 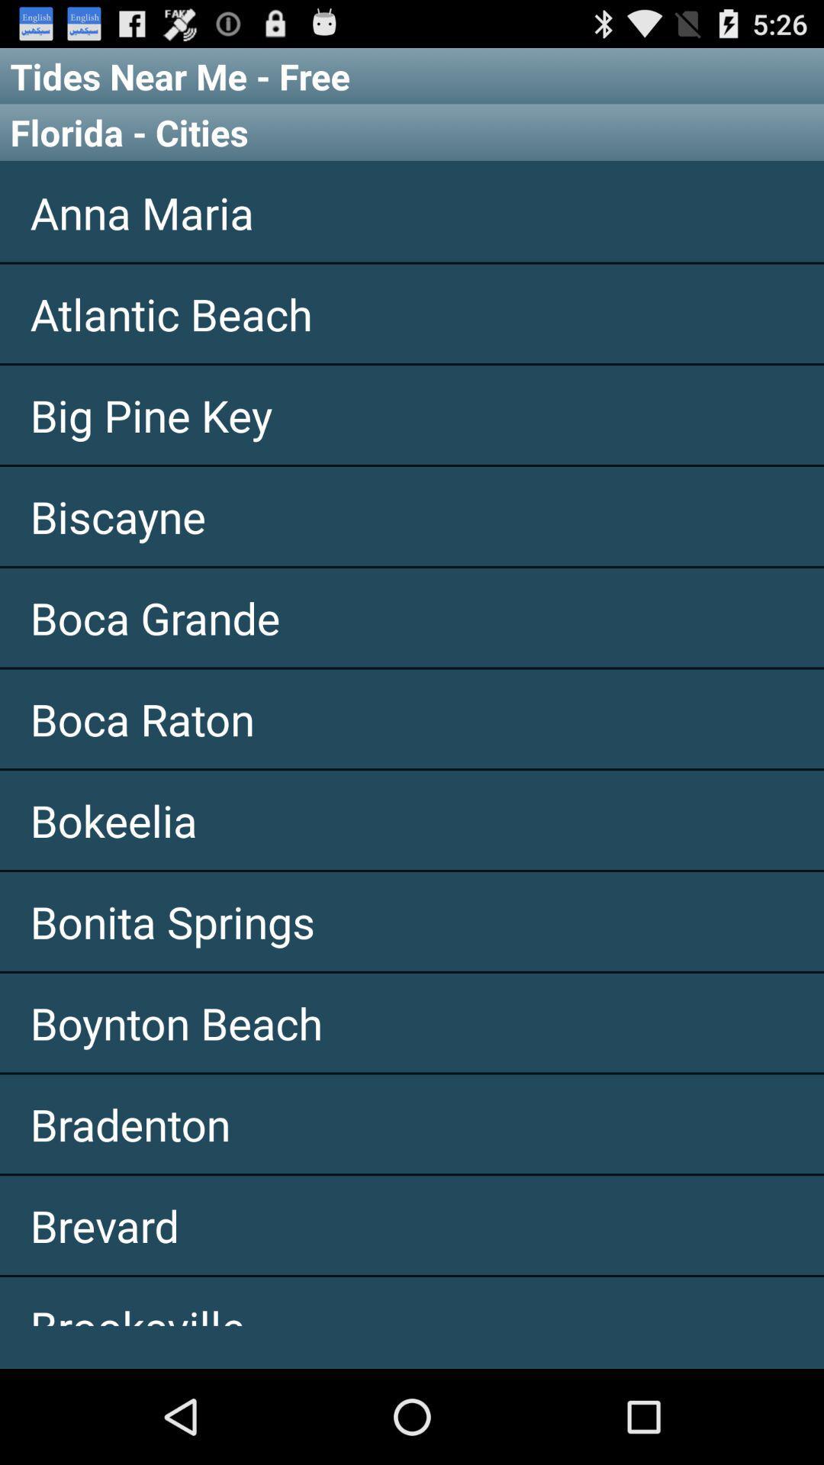 What do you see at coordinates (412, 920) in the screenshot?
I see `the app below the bokeelia` at bounding box center [412, 920].